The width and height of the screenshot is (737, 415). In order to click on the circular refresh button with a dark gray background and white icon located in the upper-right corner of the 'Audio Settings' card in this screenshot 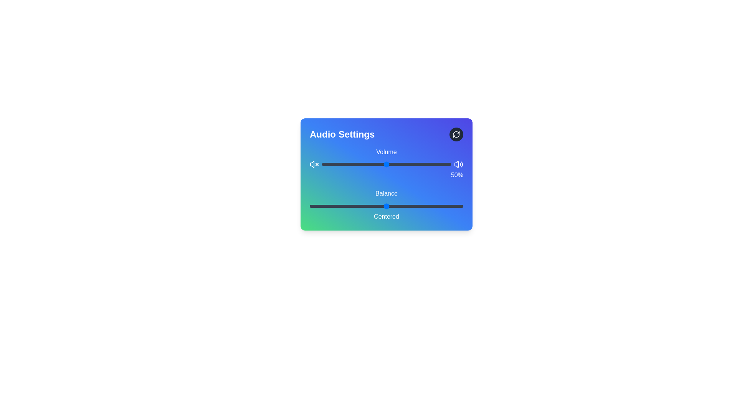, I will do `click(456, 134)`.